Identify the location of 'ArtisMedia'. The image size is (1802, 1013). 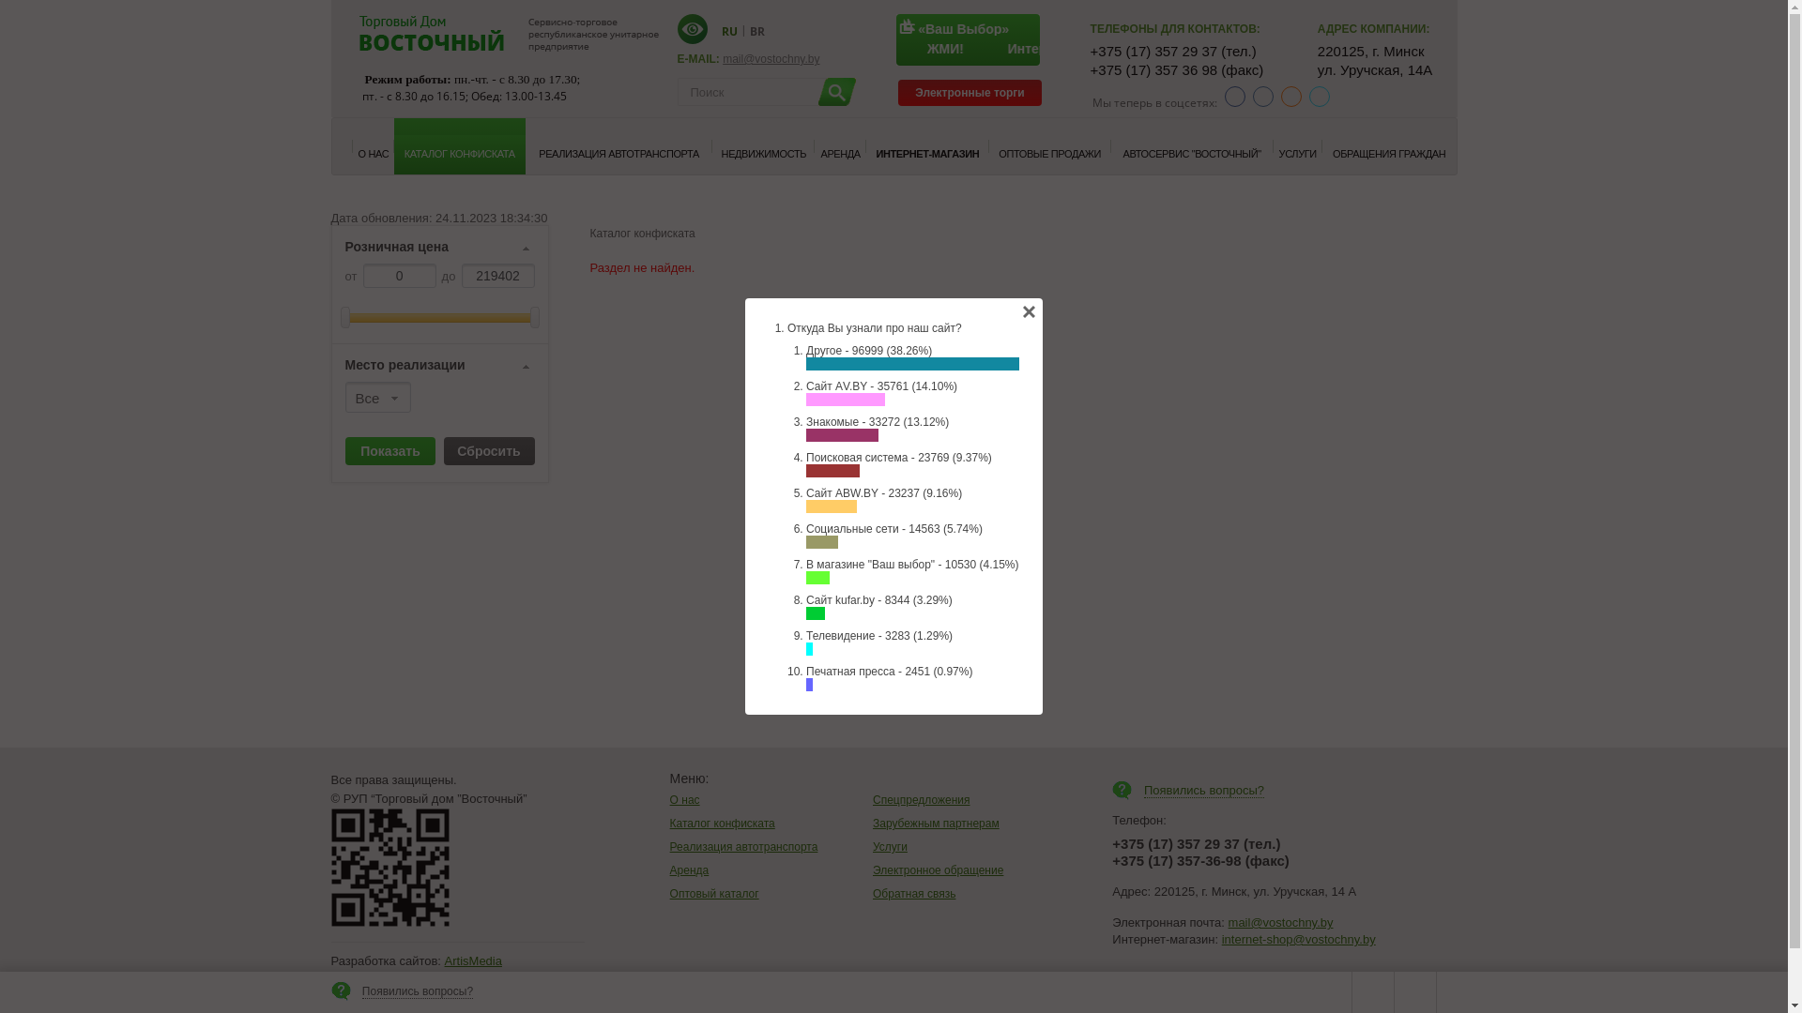
(473, 960).